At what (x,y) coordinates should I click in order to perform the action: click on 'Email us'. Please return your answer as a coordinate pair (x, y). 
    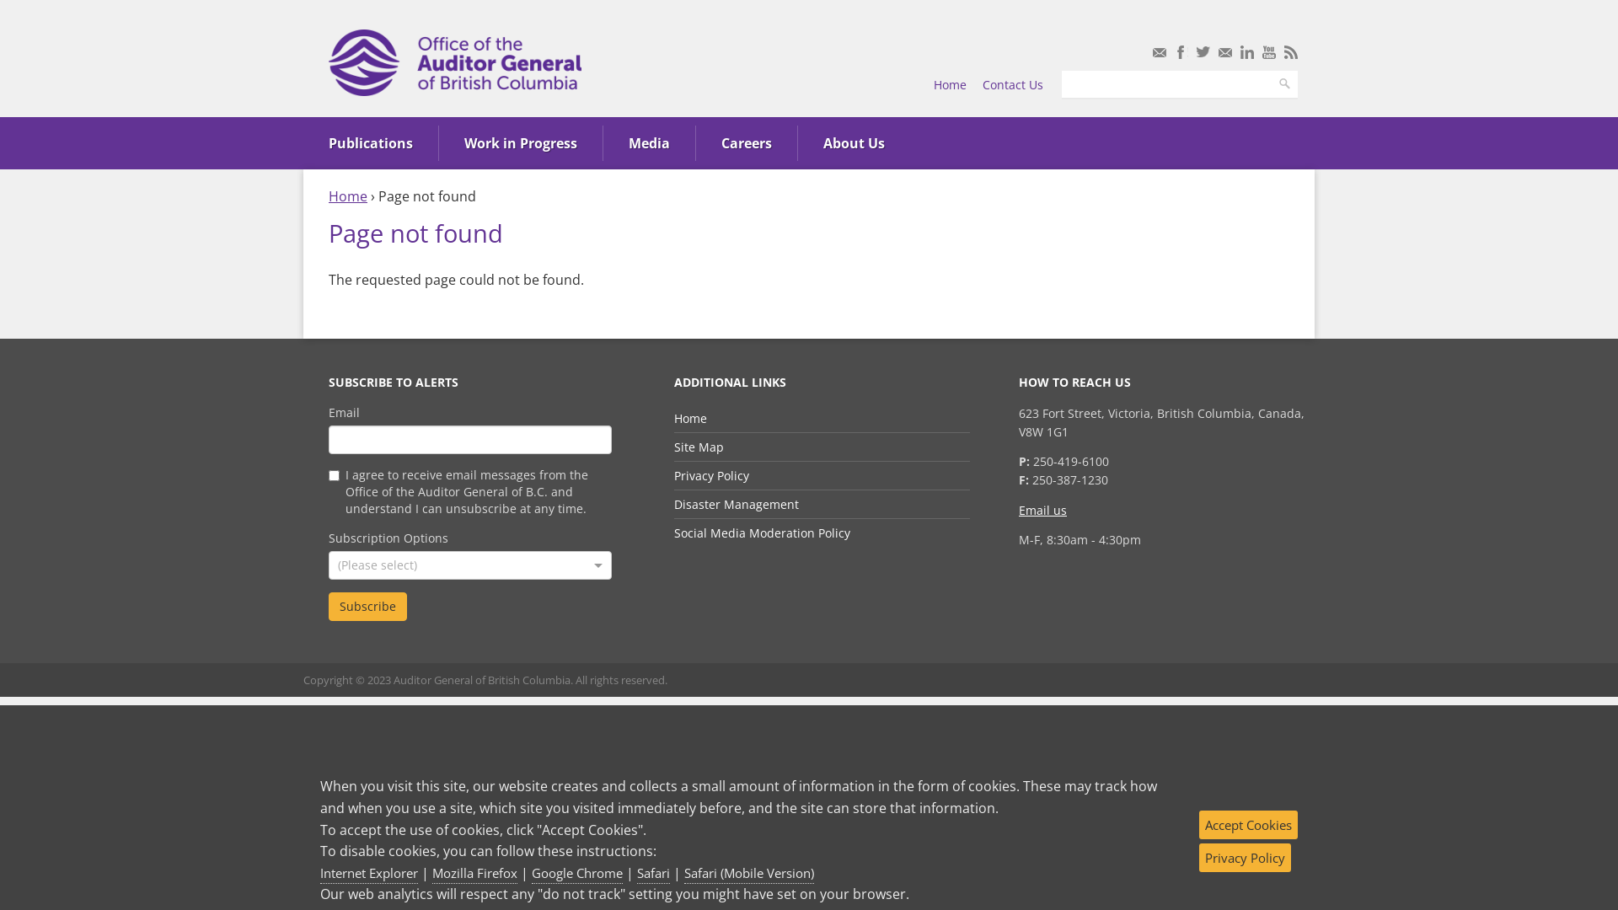
    Looking at the image, I should click on (1042, 509).